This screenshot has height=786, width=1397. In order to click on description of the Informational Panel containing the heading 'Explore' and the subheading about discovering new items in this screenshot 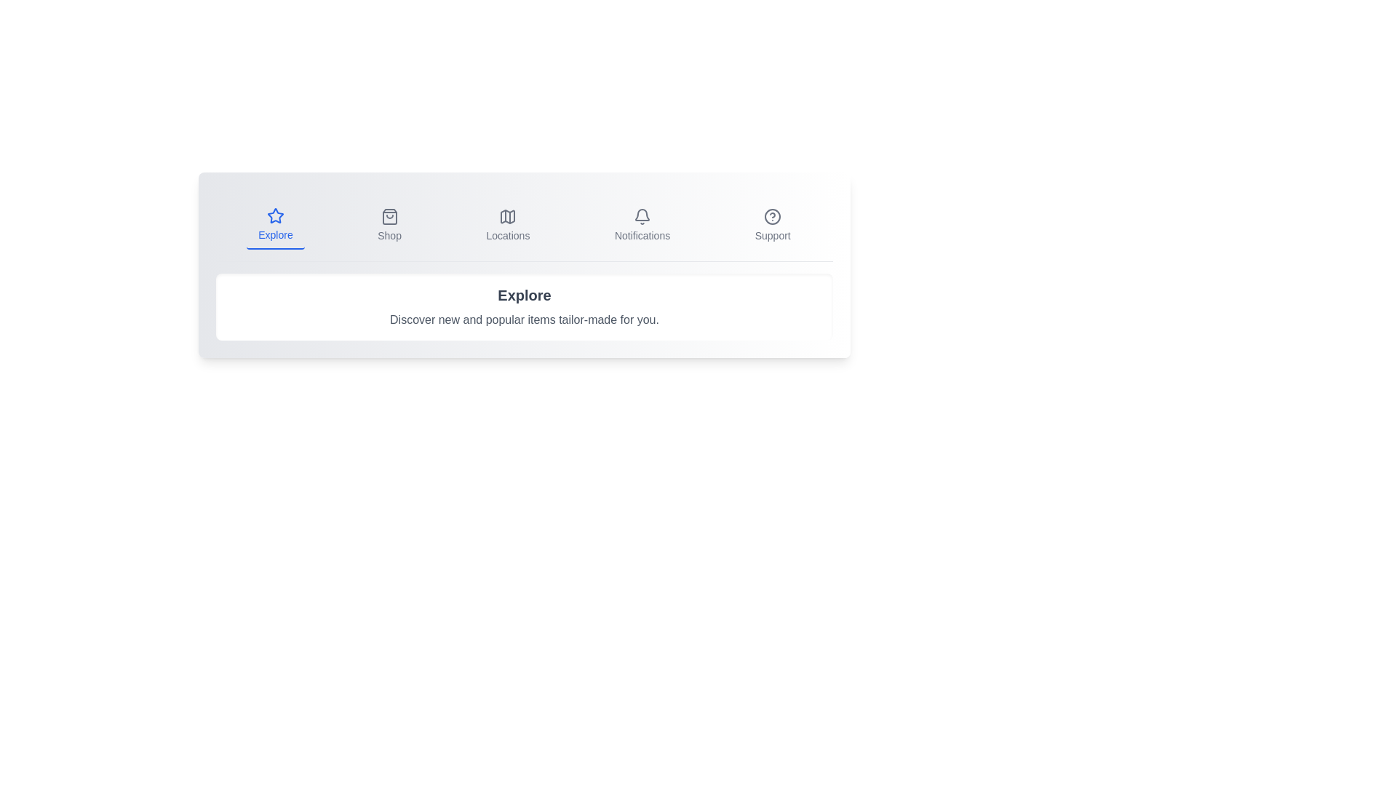, I will do `click(524, 306)`.